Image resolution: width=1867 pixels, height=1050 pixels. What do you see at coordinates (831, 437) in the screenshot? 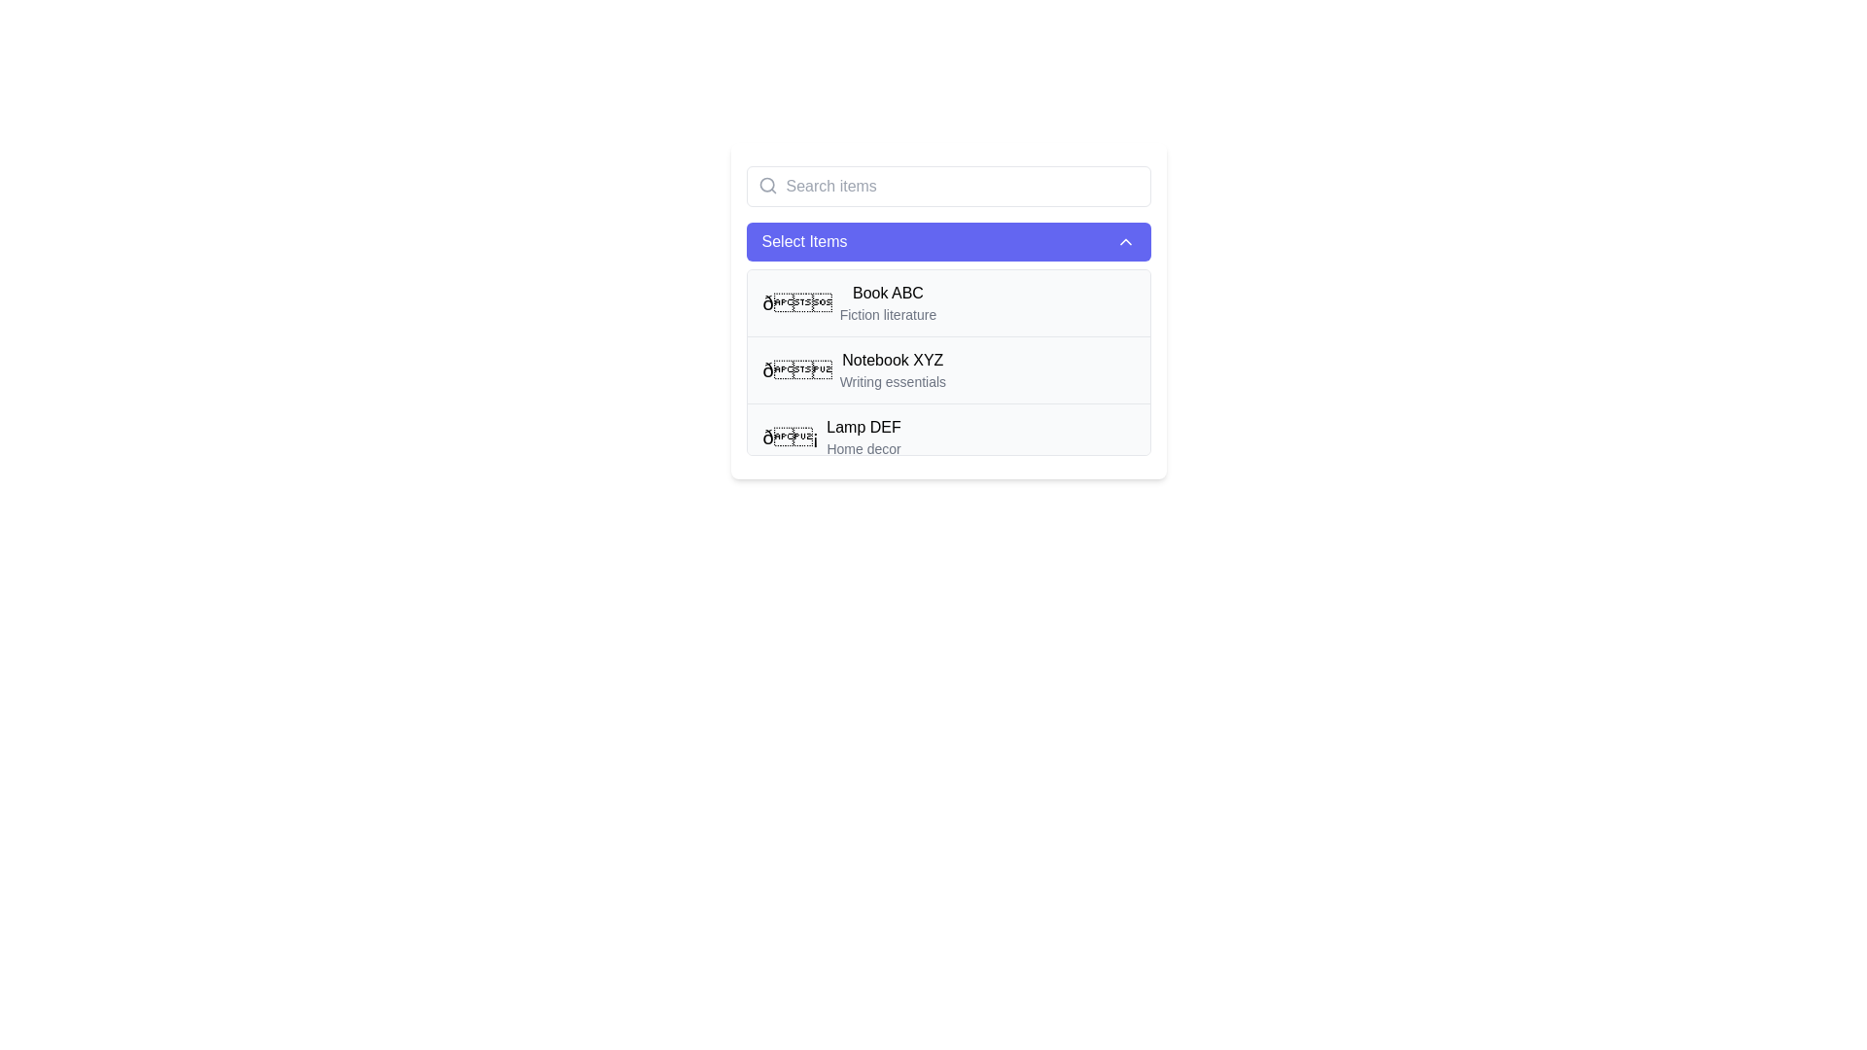
I see `the list entry labeled 'Lamp DEF', which is the third option in the dropdown menu, positioned directly below 'Notebook XYZ'` at bounding box center [831, 437].